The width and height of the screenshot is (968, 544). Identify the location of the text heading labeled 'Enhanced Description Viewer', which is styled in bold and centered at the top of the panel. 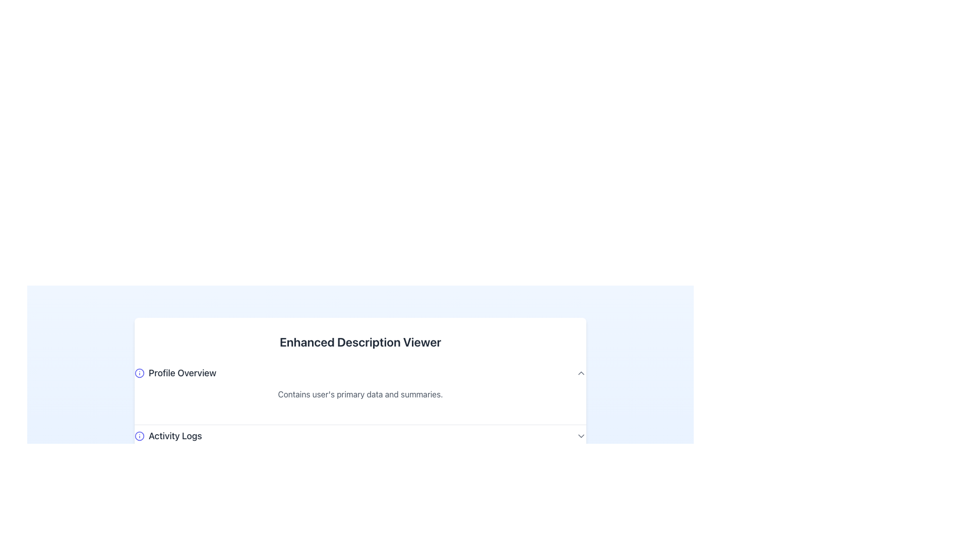
(360, 341).